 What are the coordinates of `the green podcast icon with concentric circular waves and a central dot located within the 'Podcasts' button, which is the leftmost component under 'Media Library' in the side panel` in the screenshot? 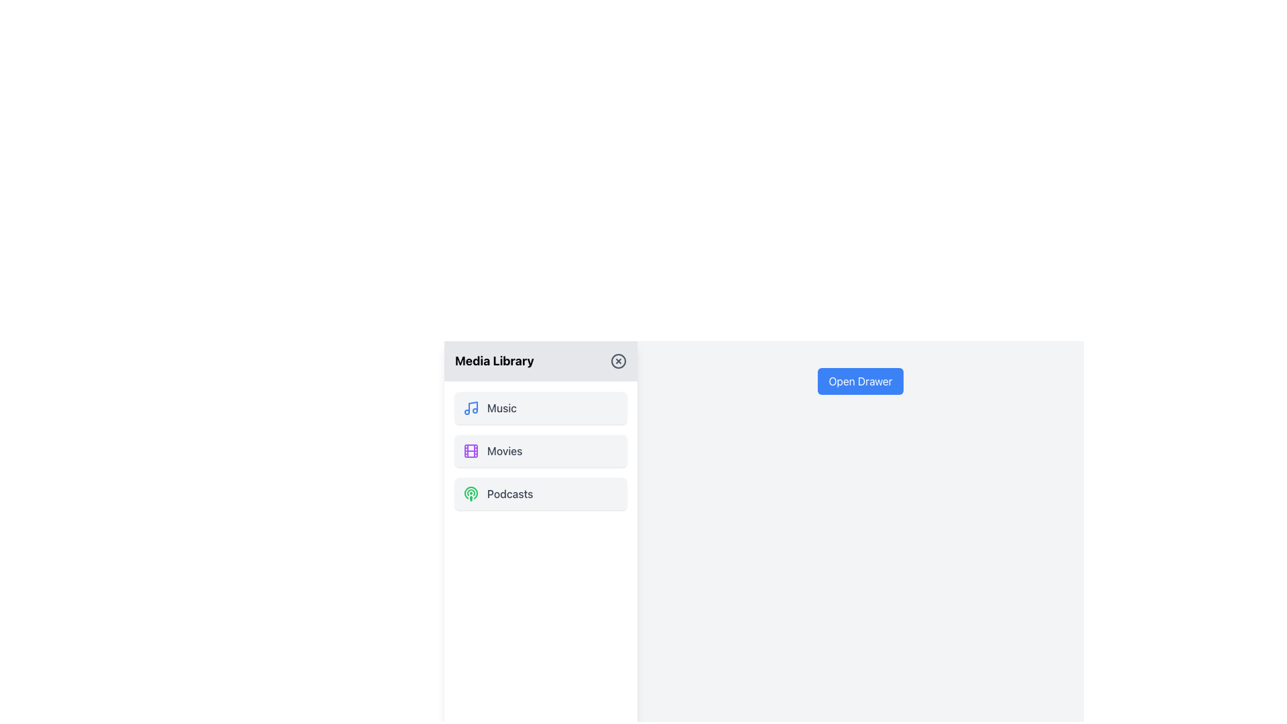 It's located at (471, 493).